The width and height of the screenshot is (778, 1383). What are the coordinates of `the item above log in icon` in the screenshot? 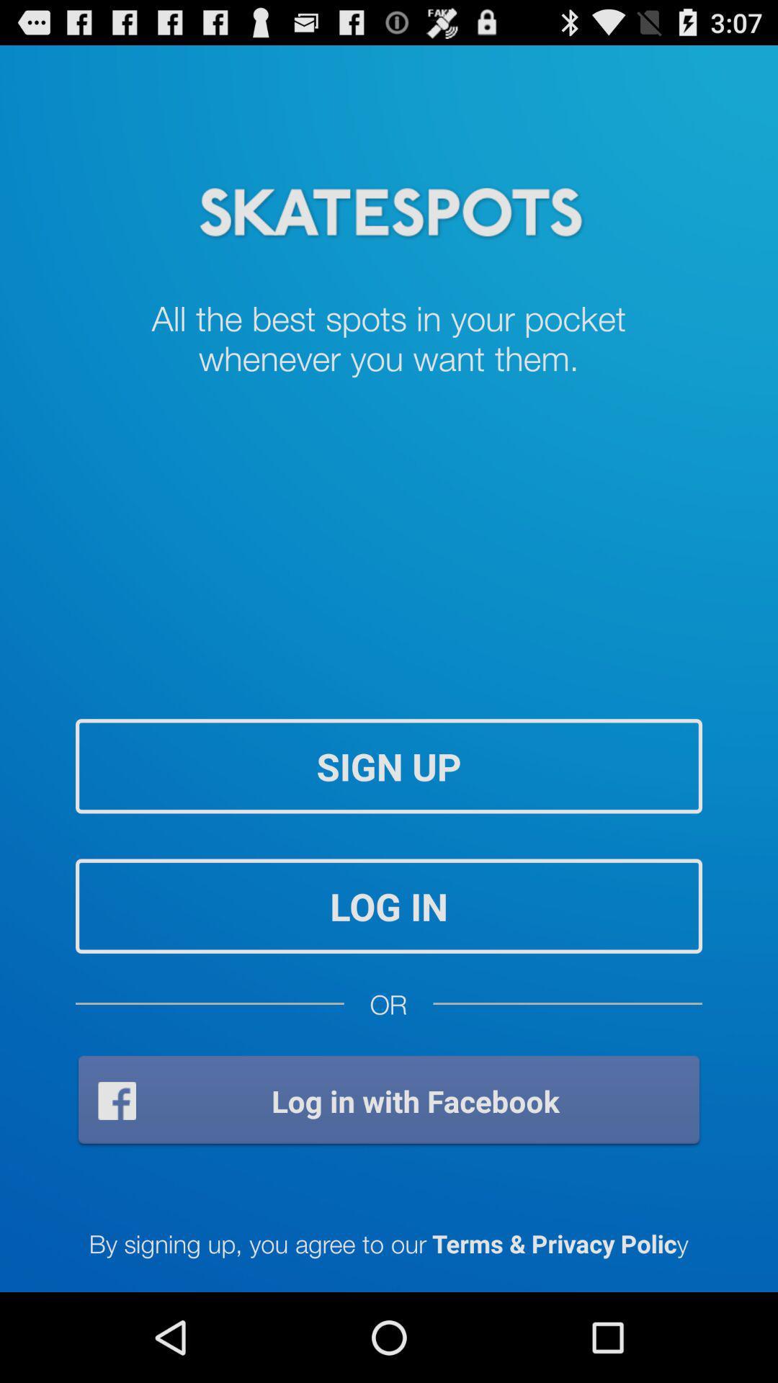 It's located at (389, 765).